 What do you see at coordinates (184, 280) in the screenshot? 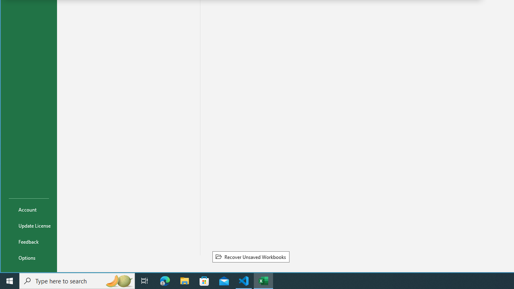
I see `'File Explorer'` at bounding box center [184, 280].